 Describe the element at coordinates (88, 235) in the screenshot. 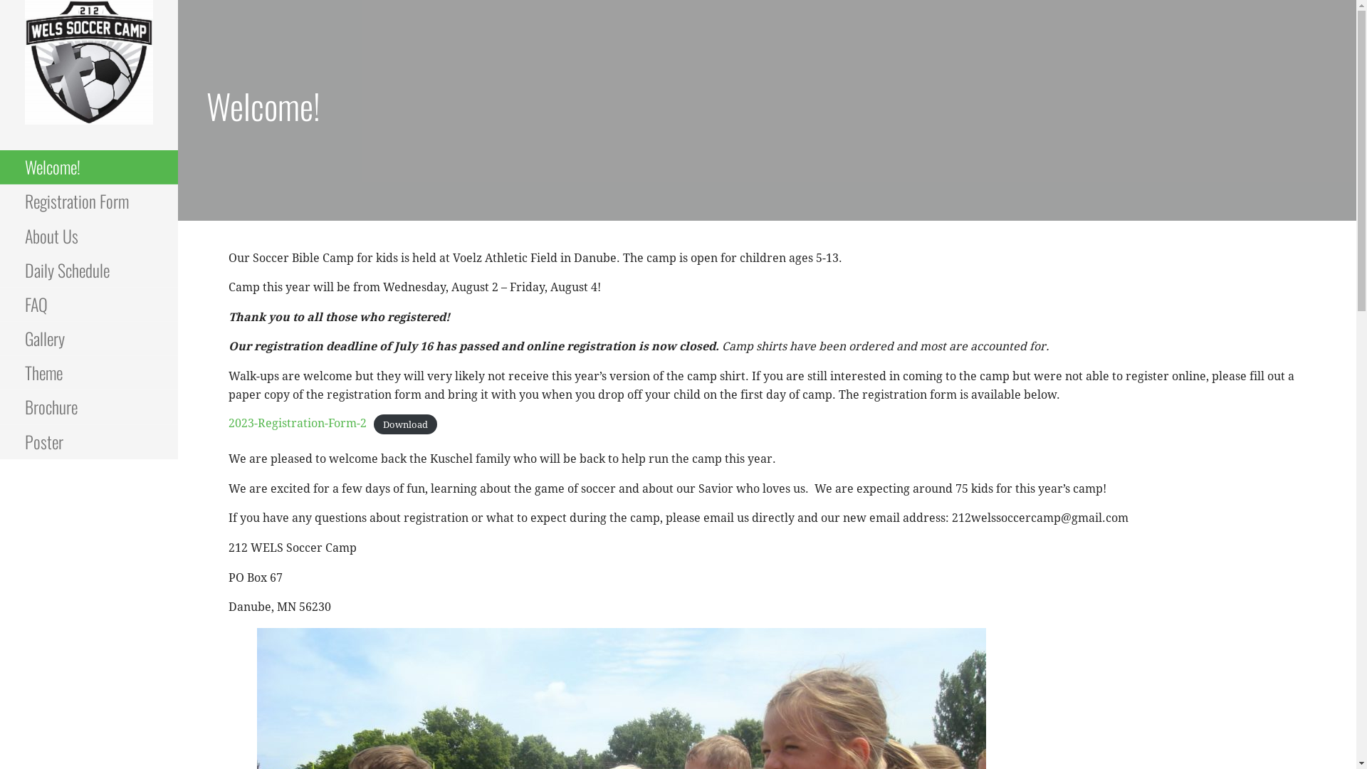

I see `'About Us'` at that location.